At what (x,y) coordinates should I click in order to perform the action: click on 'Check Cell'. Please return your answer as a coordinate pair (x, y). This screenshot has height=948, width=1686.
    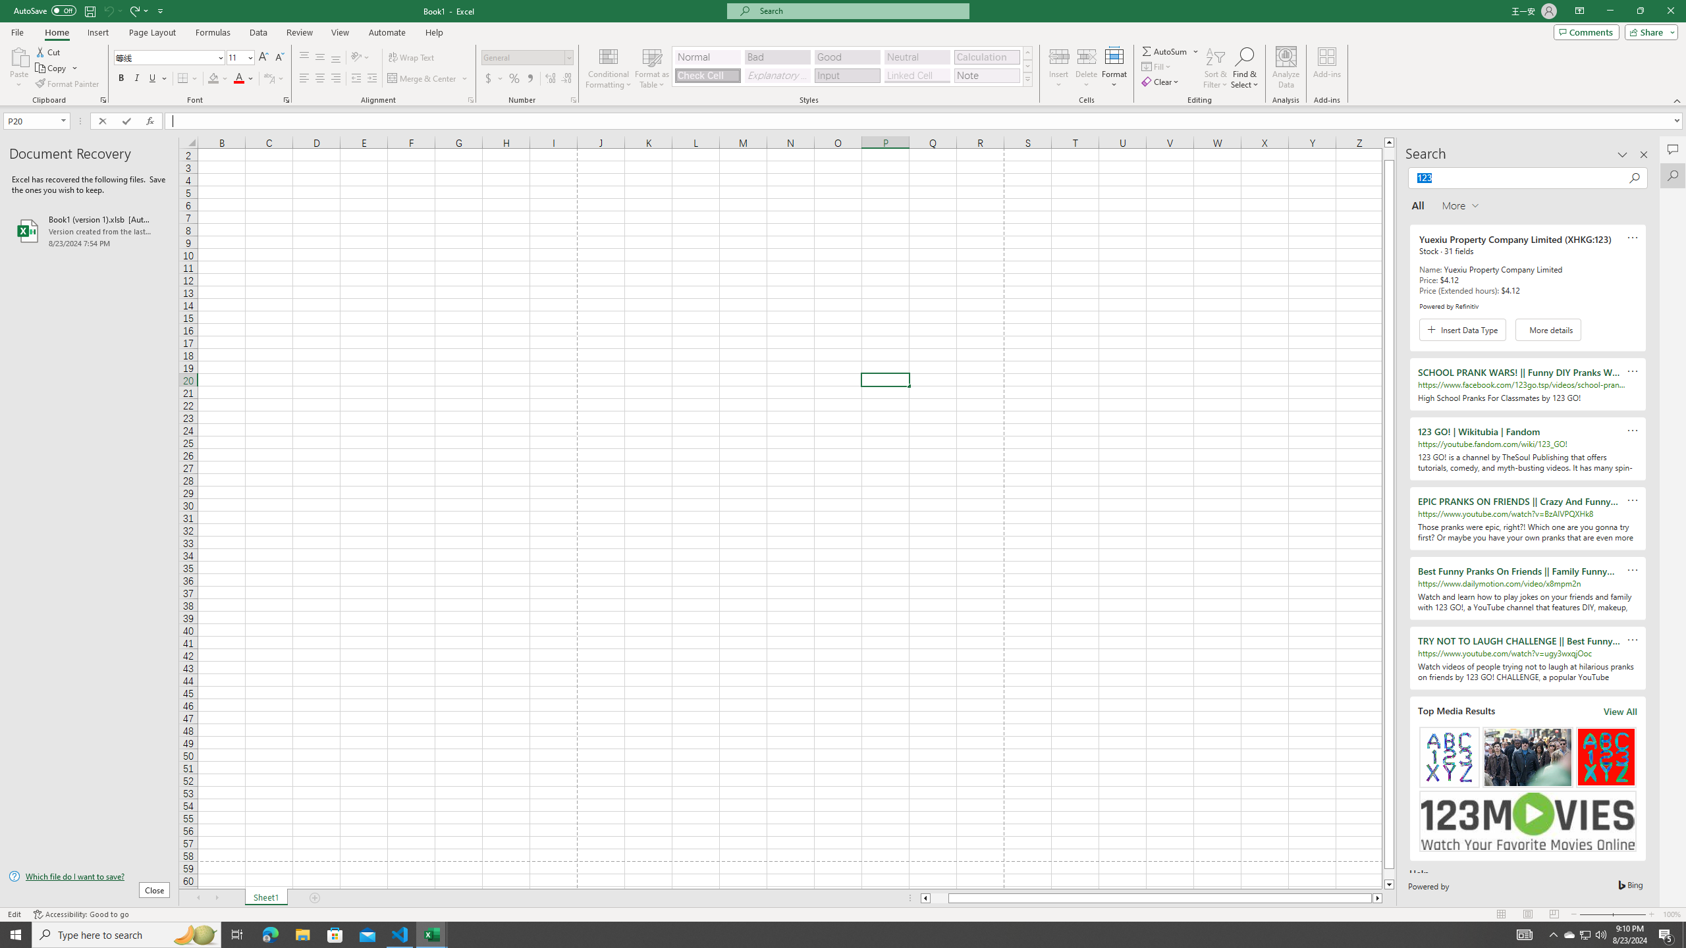
    Looking at the image, I should click on (708, 75).